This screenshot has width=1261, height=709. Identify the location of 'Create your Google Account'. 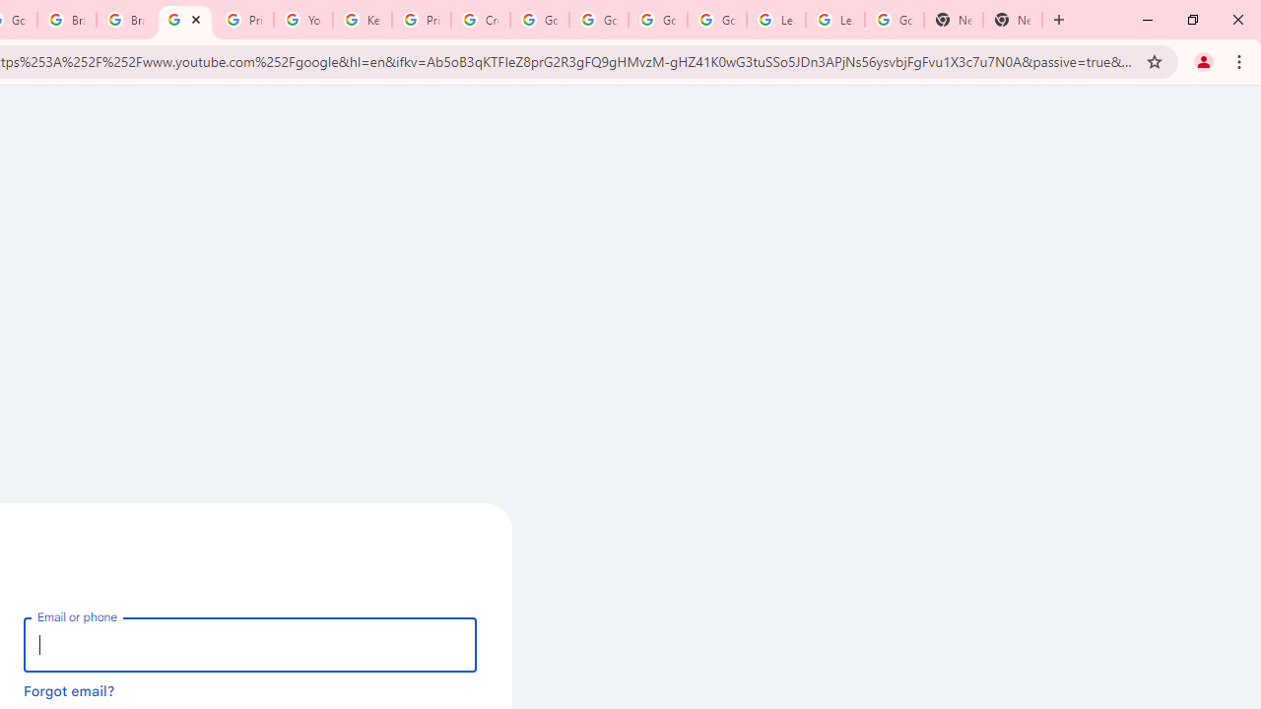
(481, 20).